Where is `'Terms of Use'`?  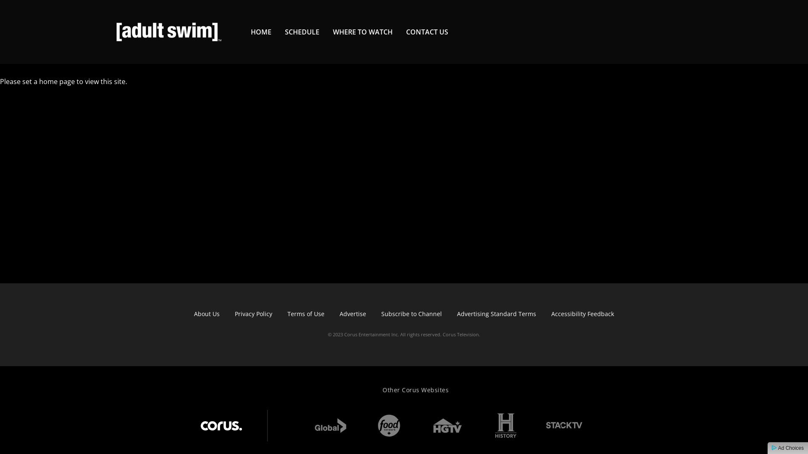 'Terms of Use' is located at coordinates (305, 313).